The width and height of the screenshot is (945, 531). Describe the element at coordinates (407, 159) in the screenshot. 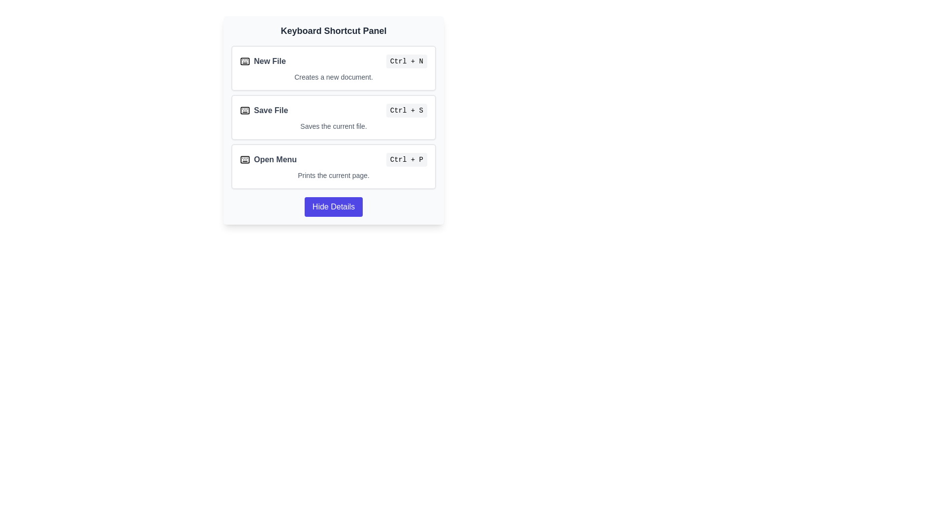

I see `the non-interactive text display showing the keyboard shortcut 'Ctrl + P' for the 'Open Menu' action, located on the right side of the 'Open Menu' row in the 'Keyboard Shortcut Panel'` at that location.